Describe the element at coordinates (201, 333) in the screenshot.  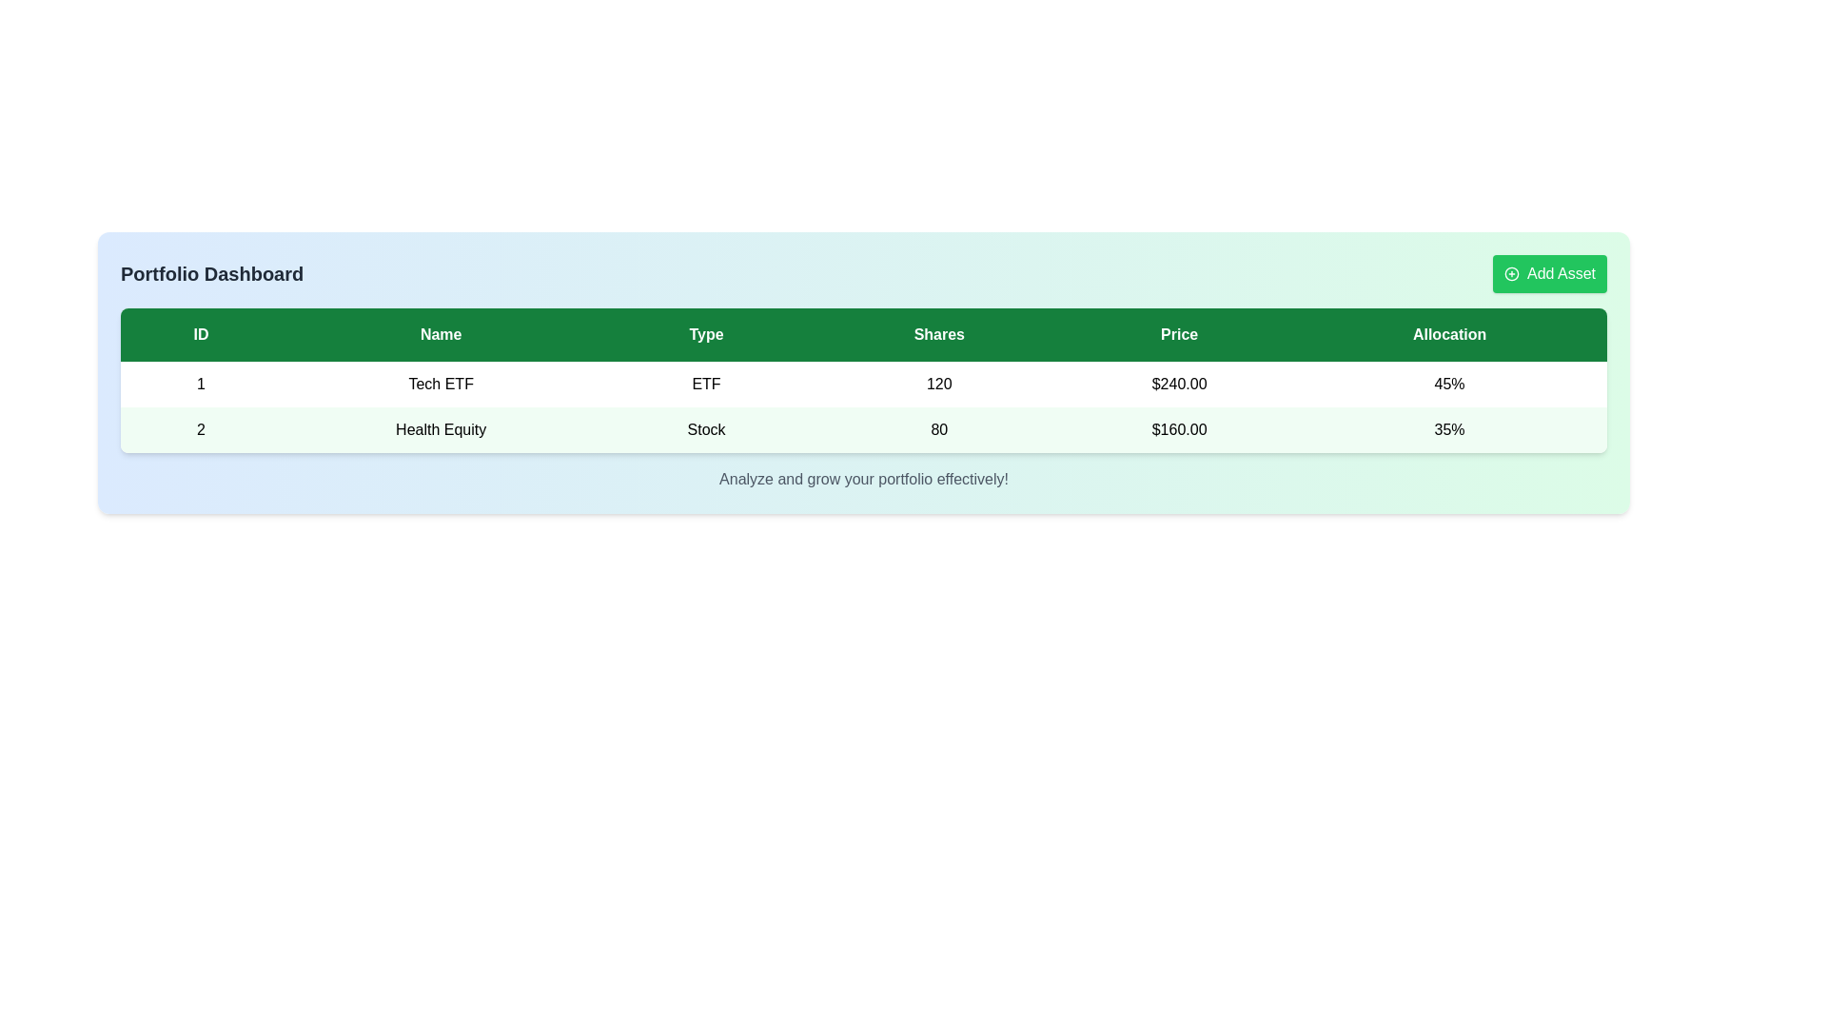
I see `the table header cell that serves as the header for the first column of a table listing IDs, located at the top-left corner of the table` at that location.